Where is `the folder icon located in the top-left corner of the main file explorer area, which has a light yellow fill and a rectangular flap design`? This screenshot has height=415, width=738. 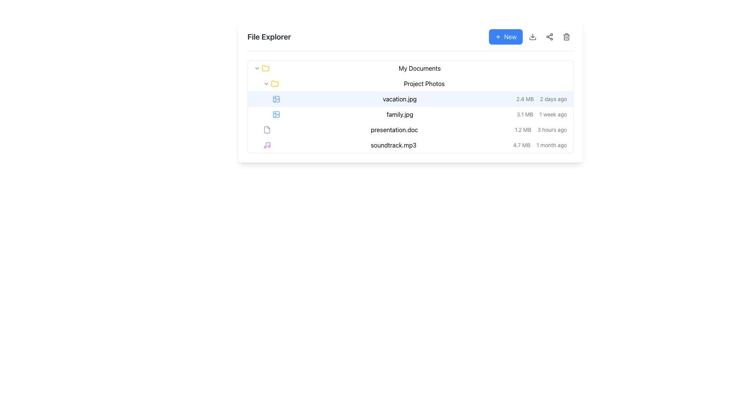
the folder icon located in the top-left corner of the main file explorer area, which has a light yellow fill and a rectangular flap design is located at coordinates (266, 68).